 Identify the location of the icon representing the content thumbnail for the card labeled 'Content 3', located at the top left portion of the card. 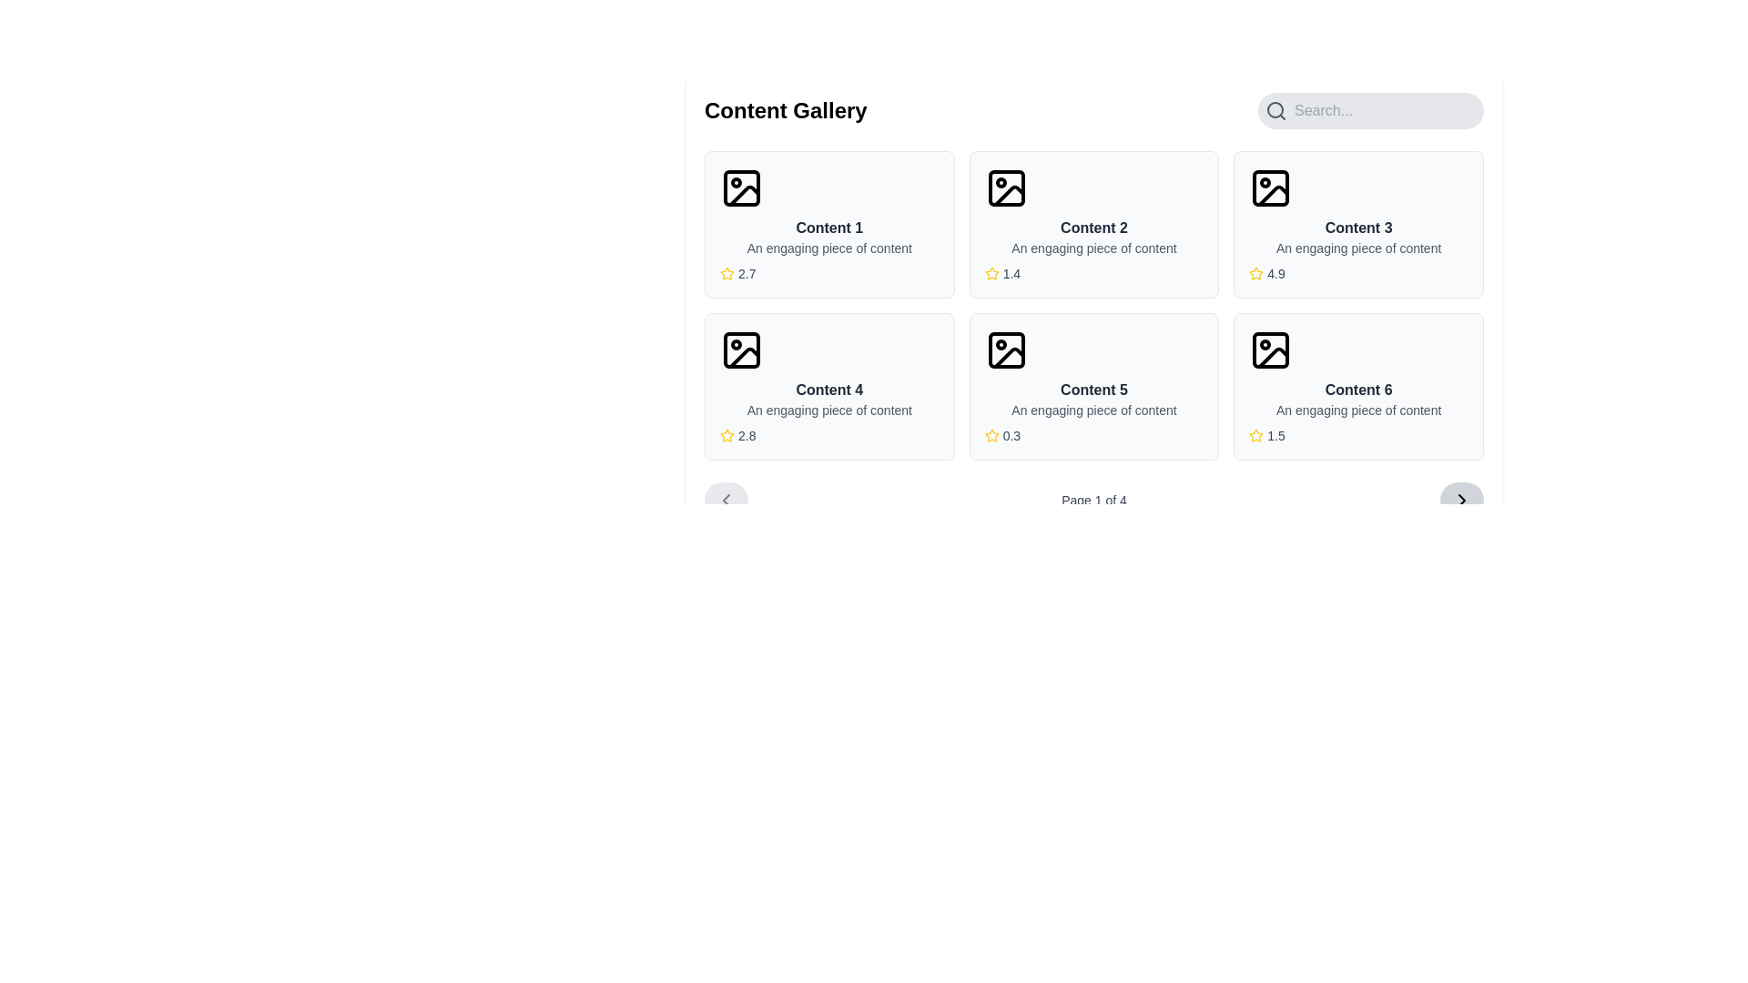
(1270, 188).